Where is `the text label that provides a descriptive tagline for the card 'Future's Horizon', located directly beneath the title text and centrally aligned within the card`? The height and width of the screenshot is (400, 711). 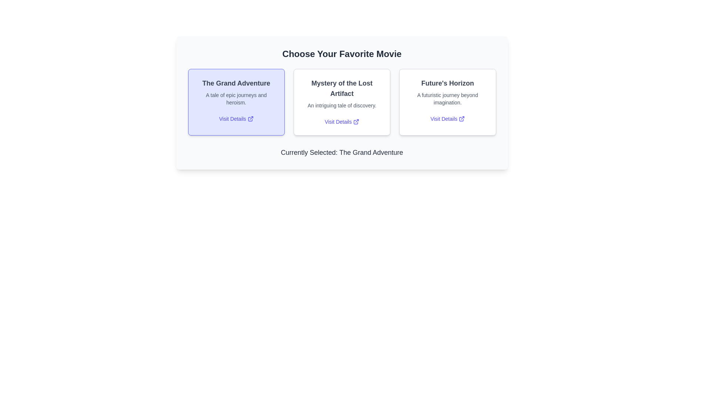
the text label that provides a descriptive tagline for the card 'Future's Horizon', located directly beneath the title text and centrally aligned within the card is located at coordinates (447, 98).